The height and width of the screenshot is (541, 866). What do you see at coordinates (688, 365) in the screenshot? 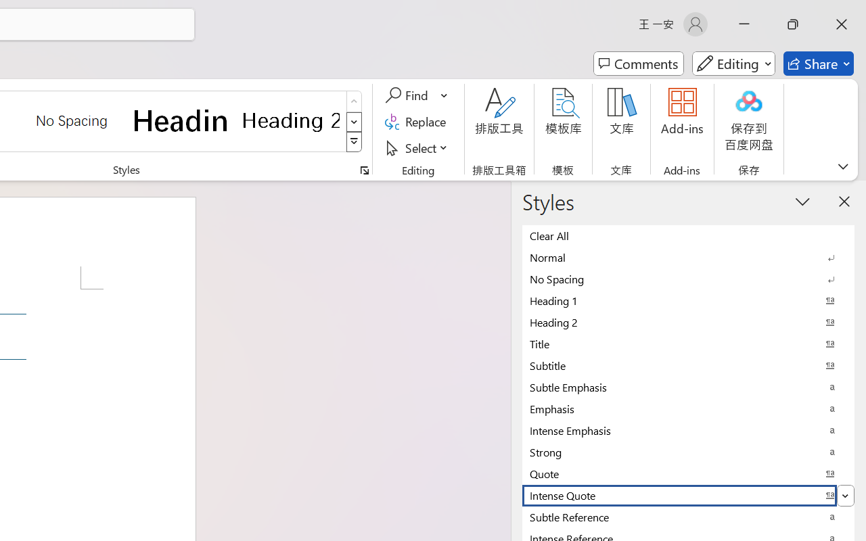
I see `'Subtitle'` at bounding box center [688, 365].